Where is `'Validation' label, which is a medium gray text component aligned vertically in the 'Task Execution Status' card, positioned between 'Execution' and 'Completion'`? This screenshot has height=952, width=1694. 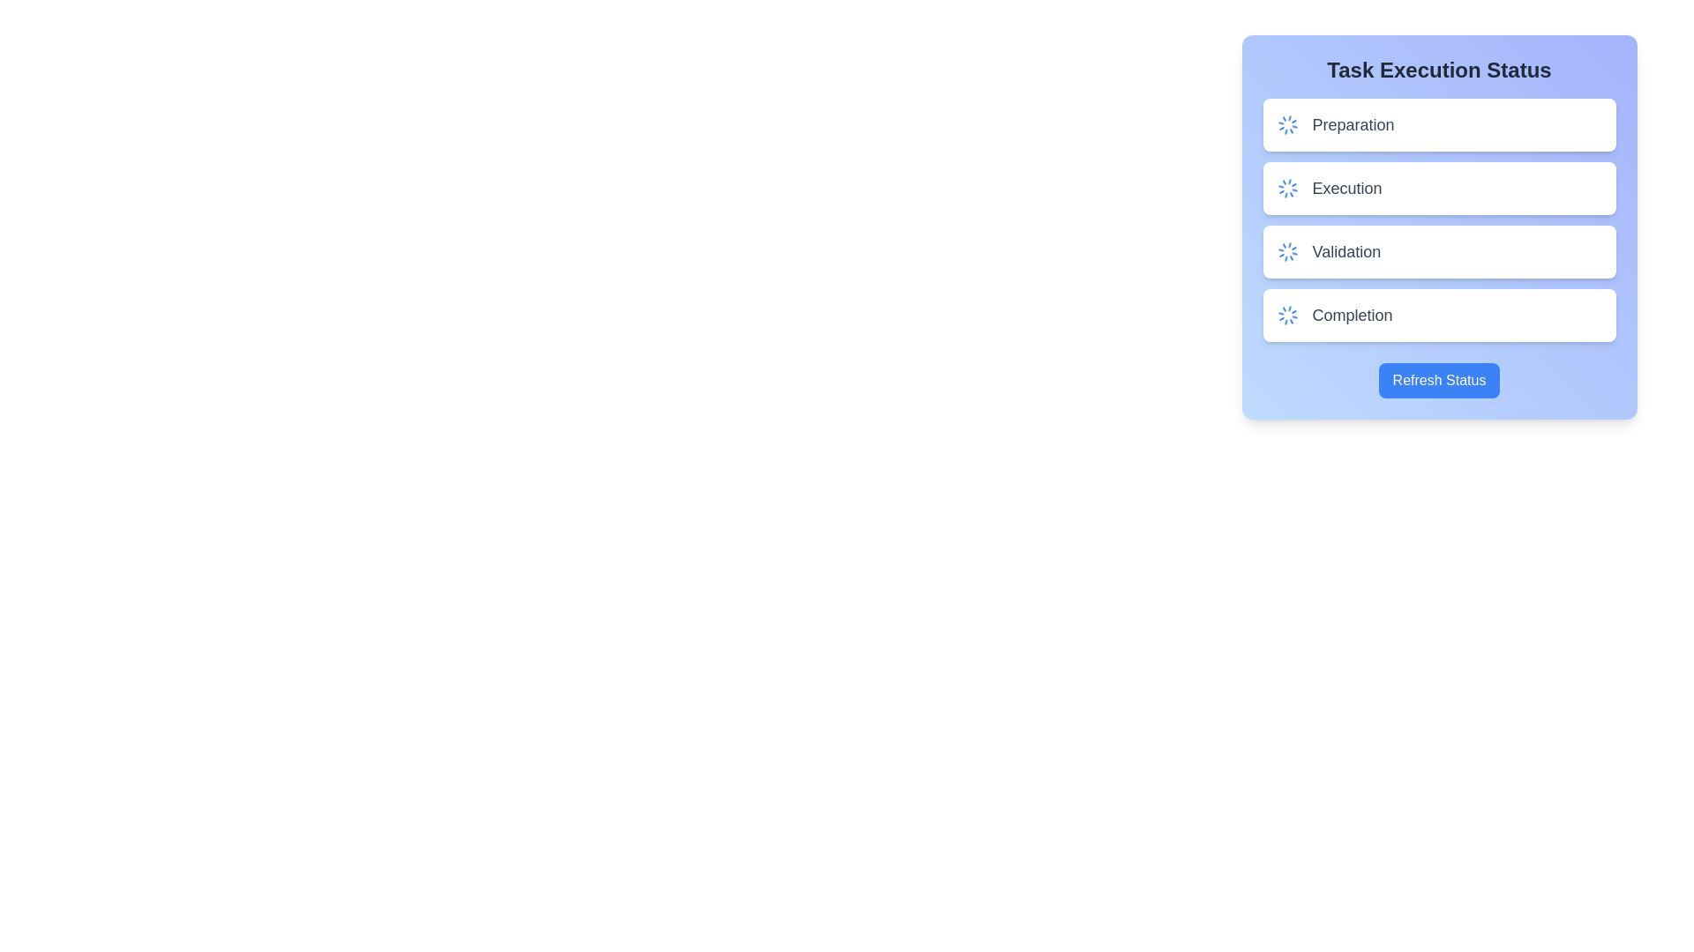 'Validation' label, which is a medium gray text component aligned vertically in the 'Task Execution Status' card, positioned between 'Execution' and 'Completion' is located at coordinates (1345, 251).